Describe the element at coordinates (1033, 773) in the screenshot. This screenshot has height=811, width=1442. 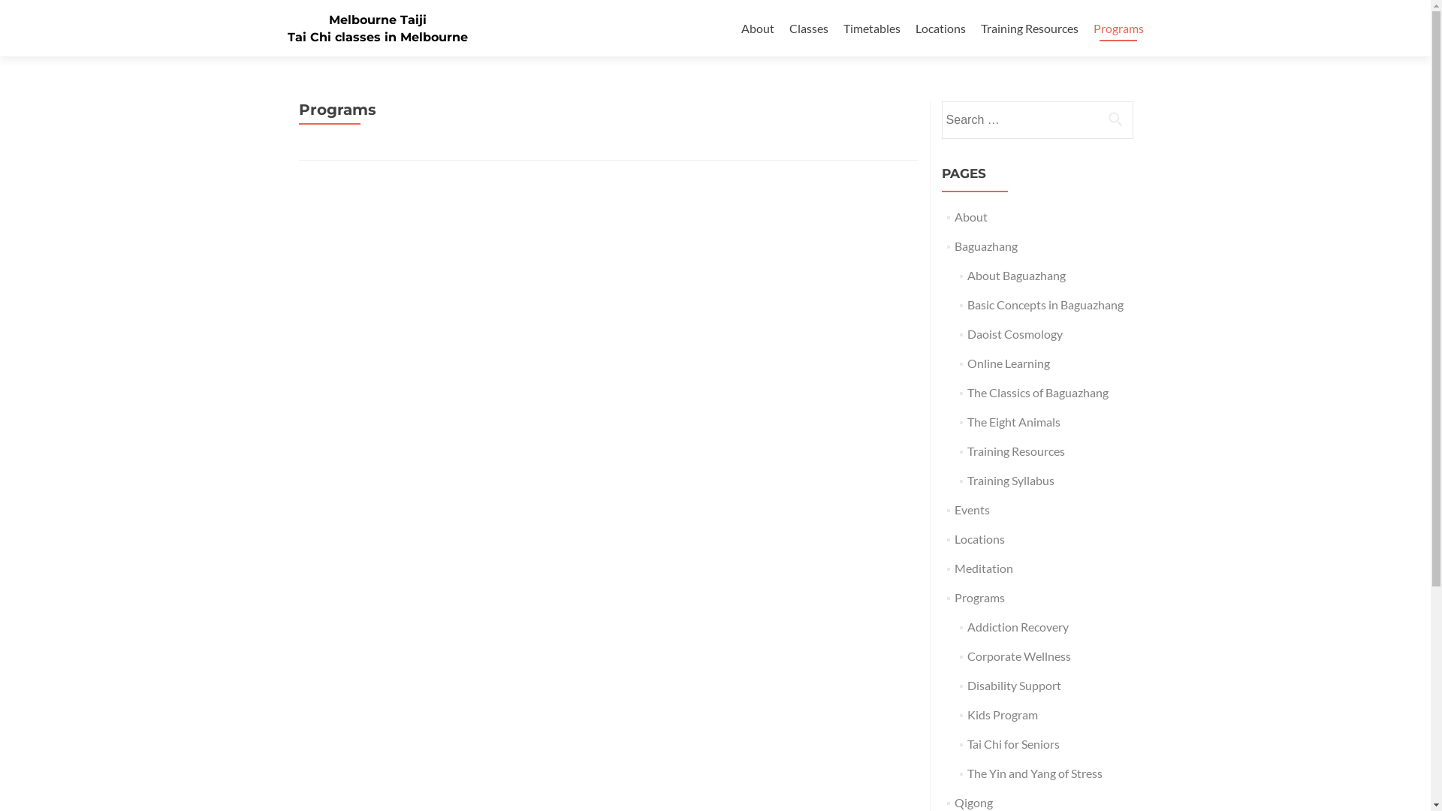
I see `'The Yin and Yang of Stress'` at that location.